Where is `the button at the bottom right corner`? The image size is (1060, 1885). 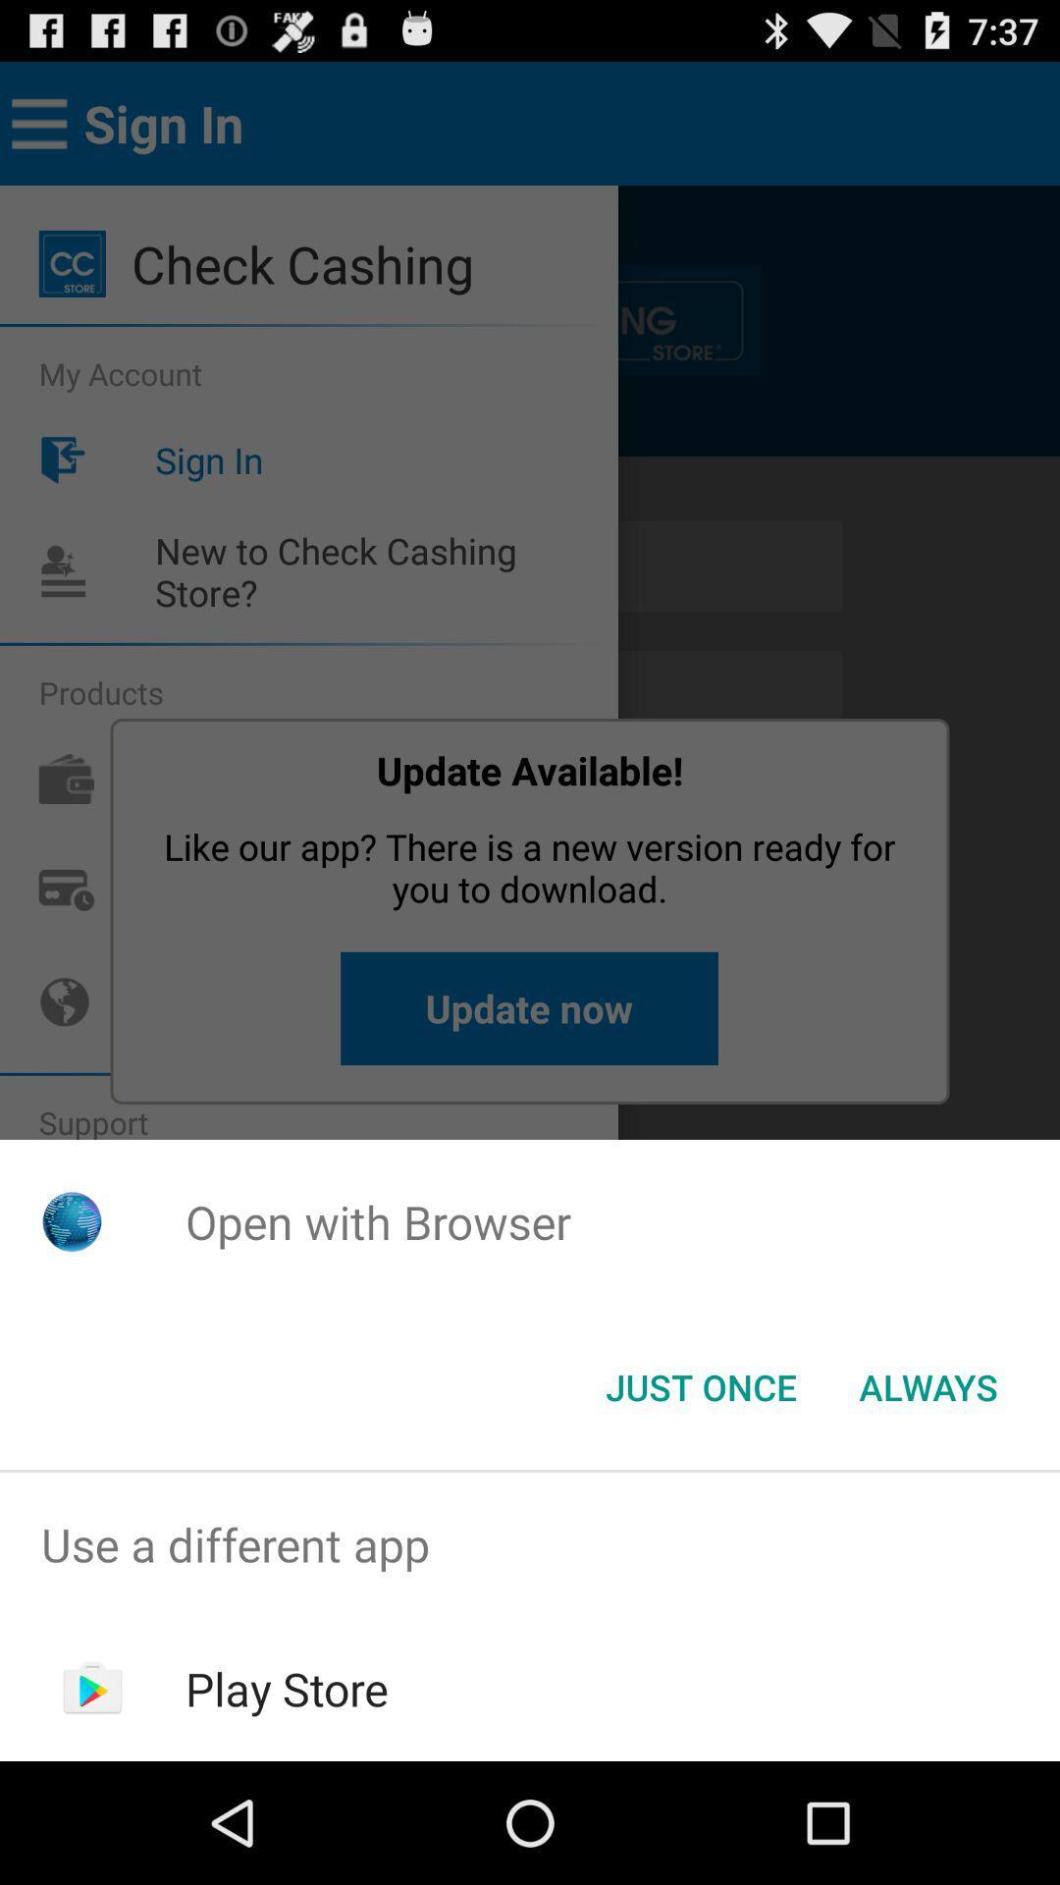
the button at the bottom right corner is located at coordinates (927, 1385).